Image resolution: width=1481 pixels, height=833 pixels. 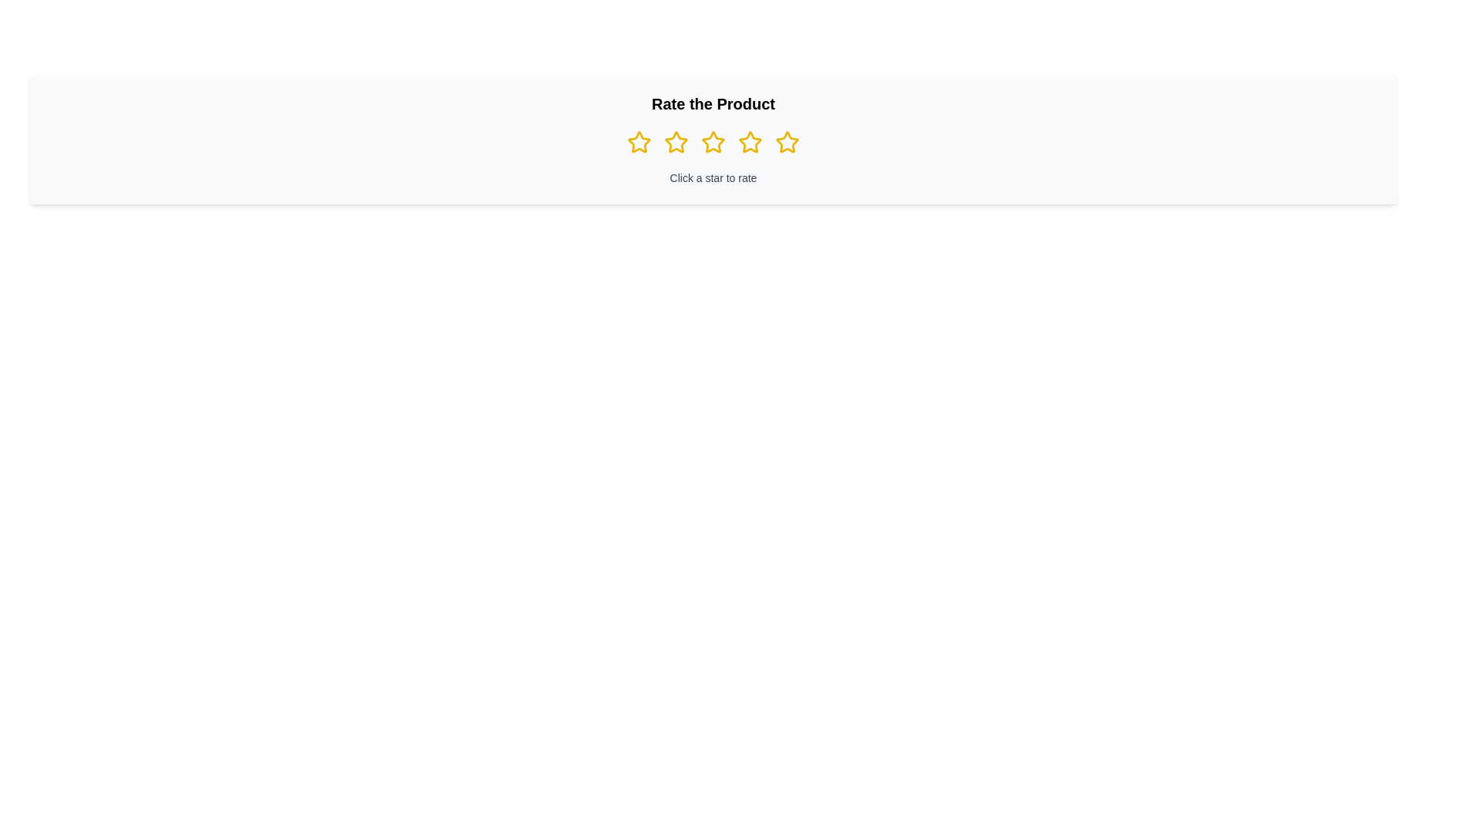 What do you see at coordinates (713, 177) in the screenshot?
I see `the instructional text label that guides users to interact with the rating stars above it, centrally aligned below the title 'Rate the Product'` at bounding box center [713, 177].